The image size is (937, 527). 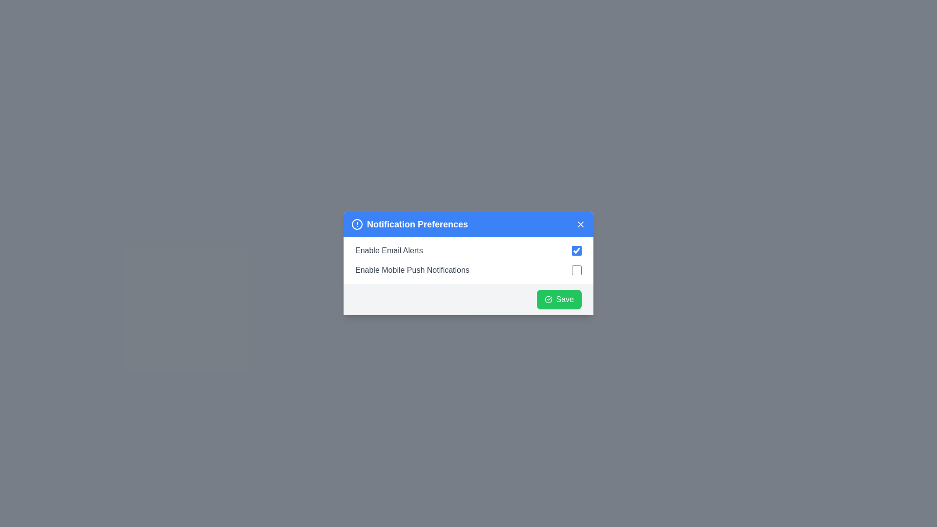 What do you see at coordinates (576, 270) in the screenshot?
I see `the small checkbox with a square shape next to the label 'Enable Mobile Push Notifications'` at bounding box center [576, 270].